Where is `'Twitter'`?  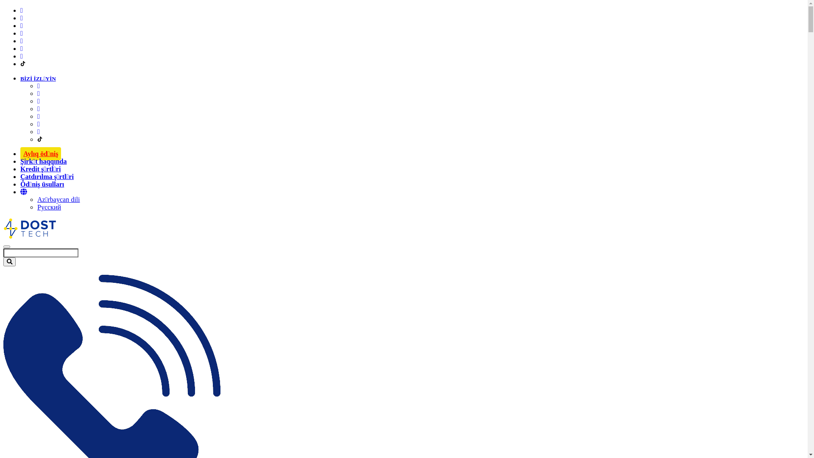
'Twitter' is located at coordinates (22, 56).